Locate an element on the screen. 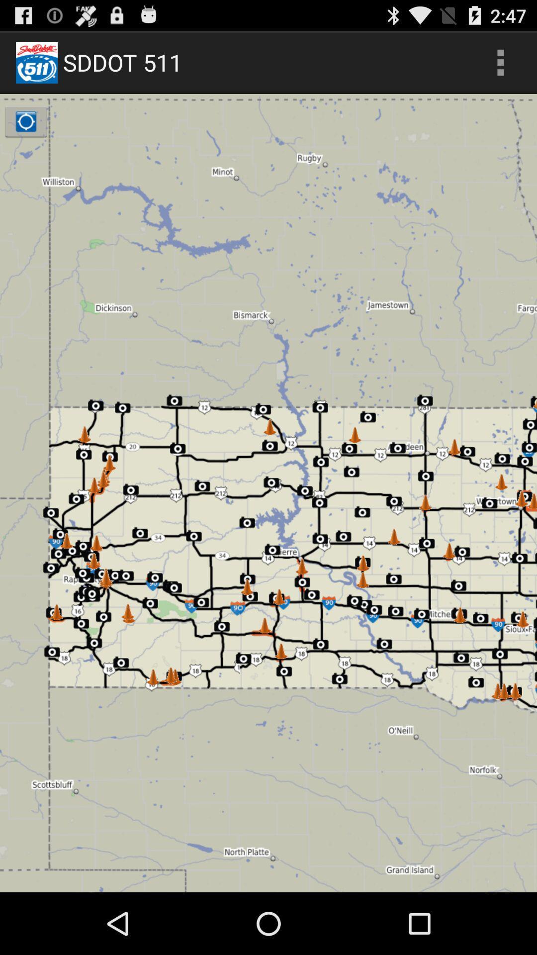 This screenshot has height=955, width=537. the location_crosshair icon is located at coordinates (25, 129).